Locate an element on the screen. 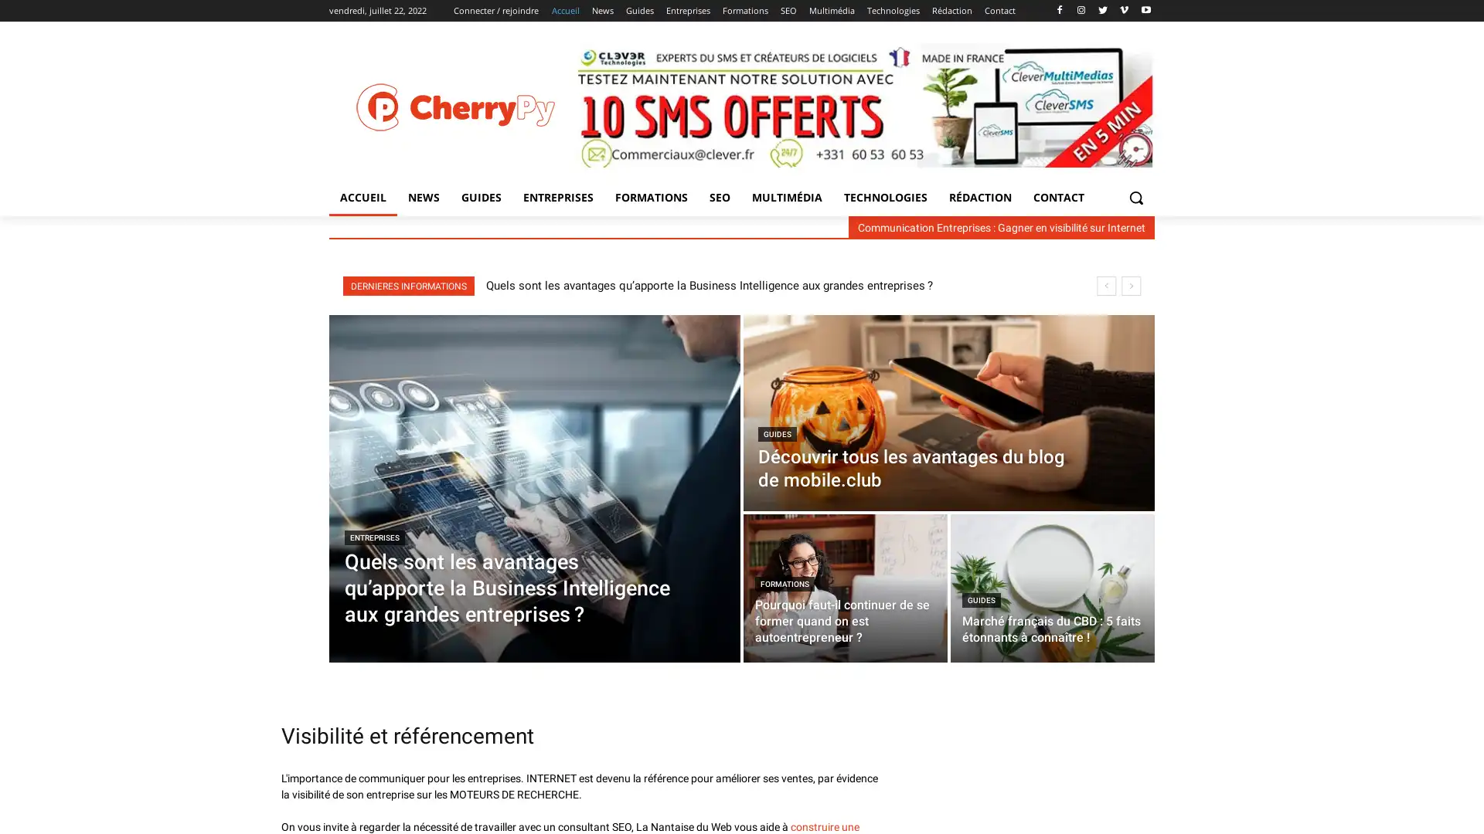 The image size is (1484, 834). Search is located at coordinates (1135, 196).